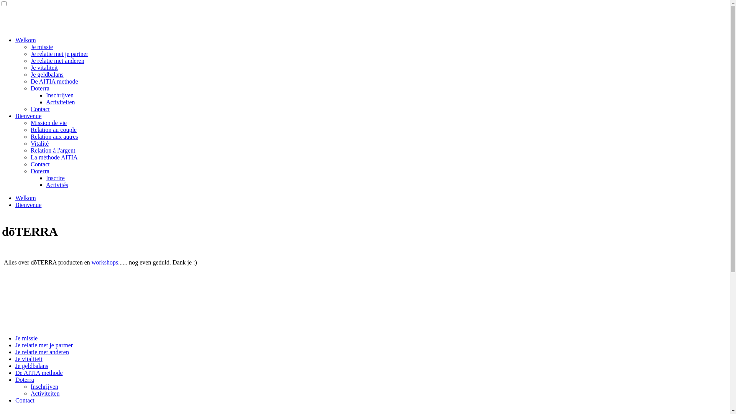 The width and height of the screenshot is (736, 414). What do you see at coordinates (47, 74) in the screenshot?
I see `'Je geldbalans'` at bounding box center [47, 74].